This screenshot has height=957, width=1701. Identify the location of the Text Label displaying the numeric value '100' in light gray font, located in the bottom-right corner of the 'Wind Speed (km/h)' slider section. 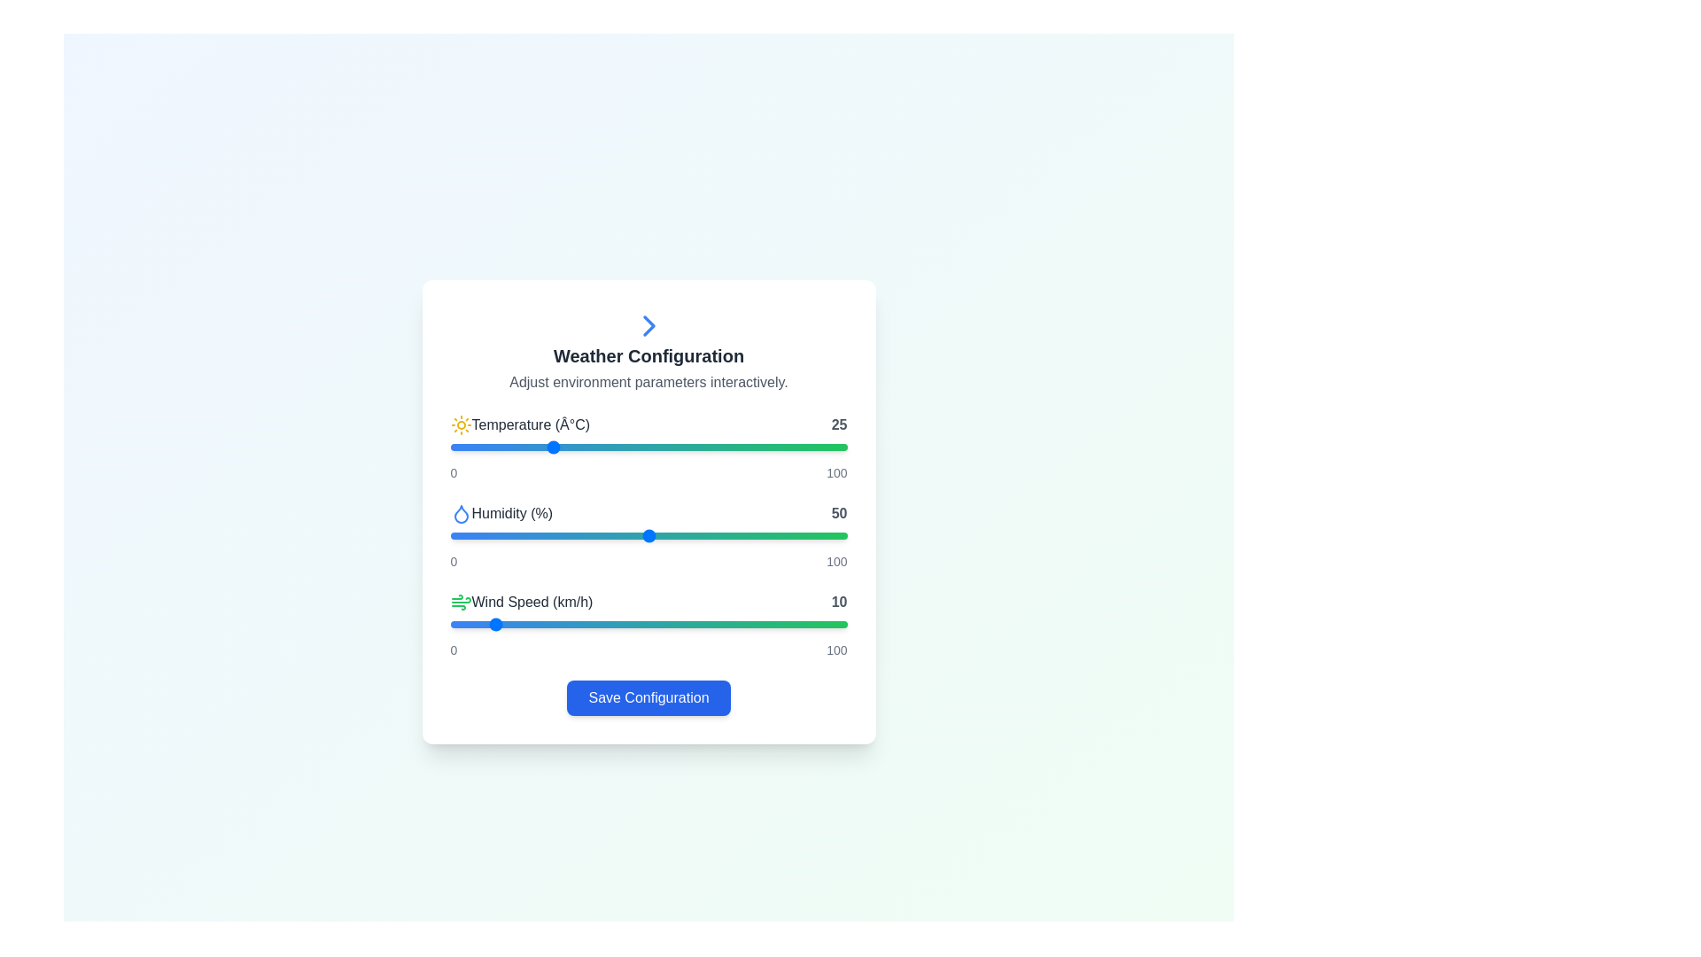
(835, 650).